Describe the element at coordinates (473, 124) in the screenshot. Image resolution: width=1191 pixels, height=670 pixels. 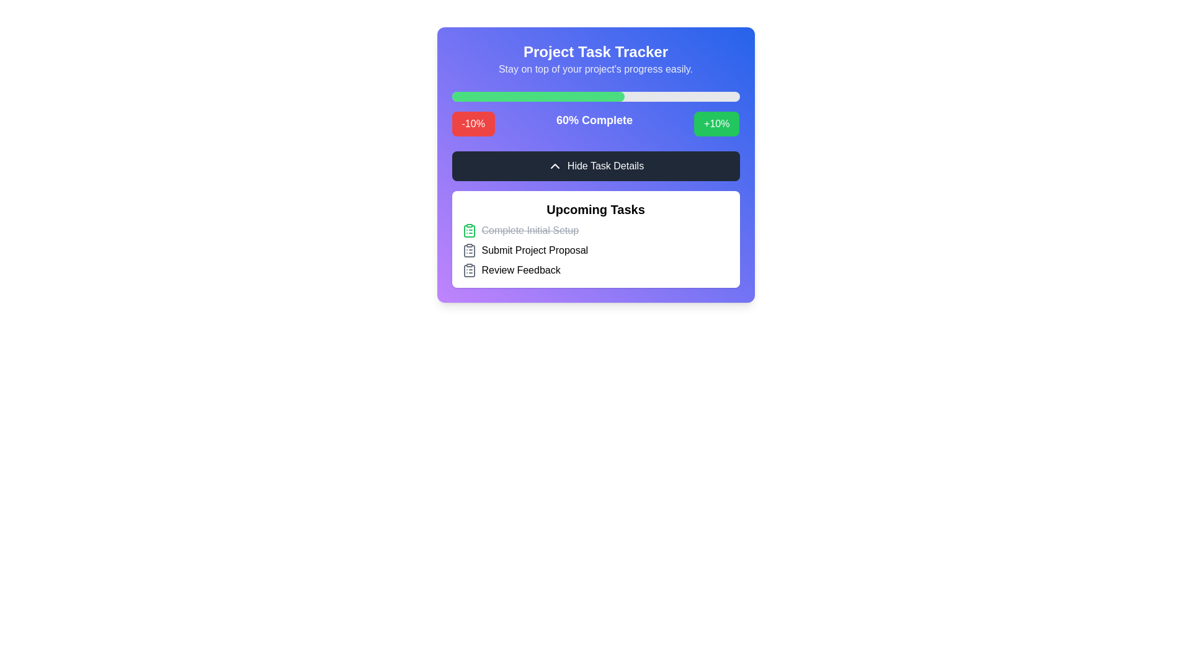
I see `the button on the left side of the row to decrease the displayed percentage value by 10%` at that location.